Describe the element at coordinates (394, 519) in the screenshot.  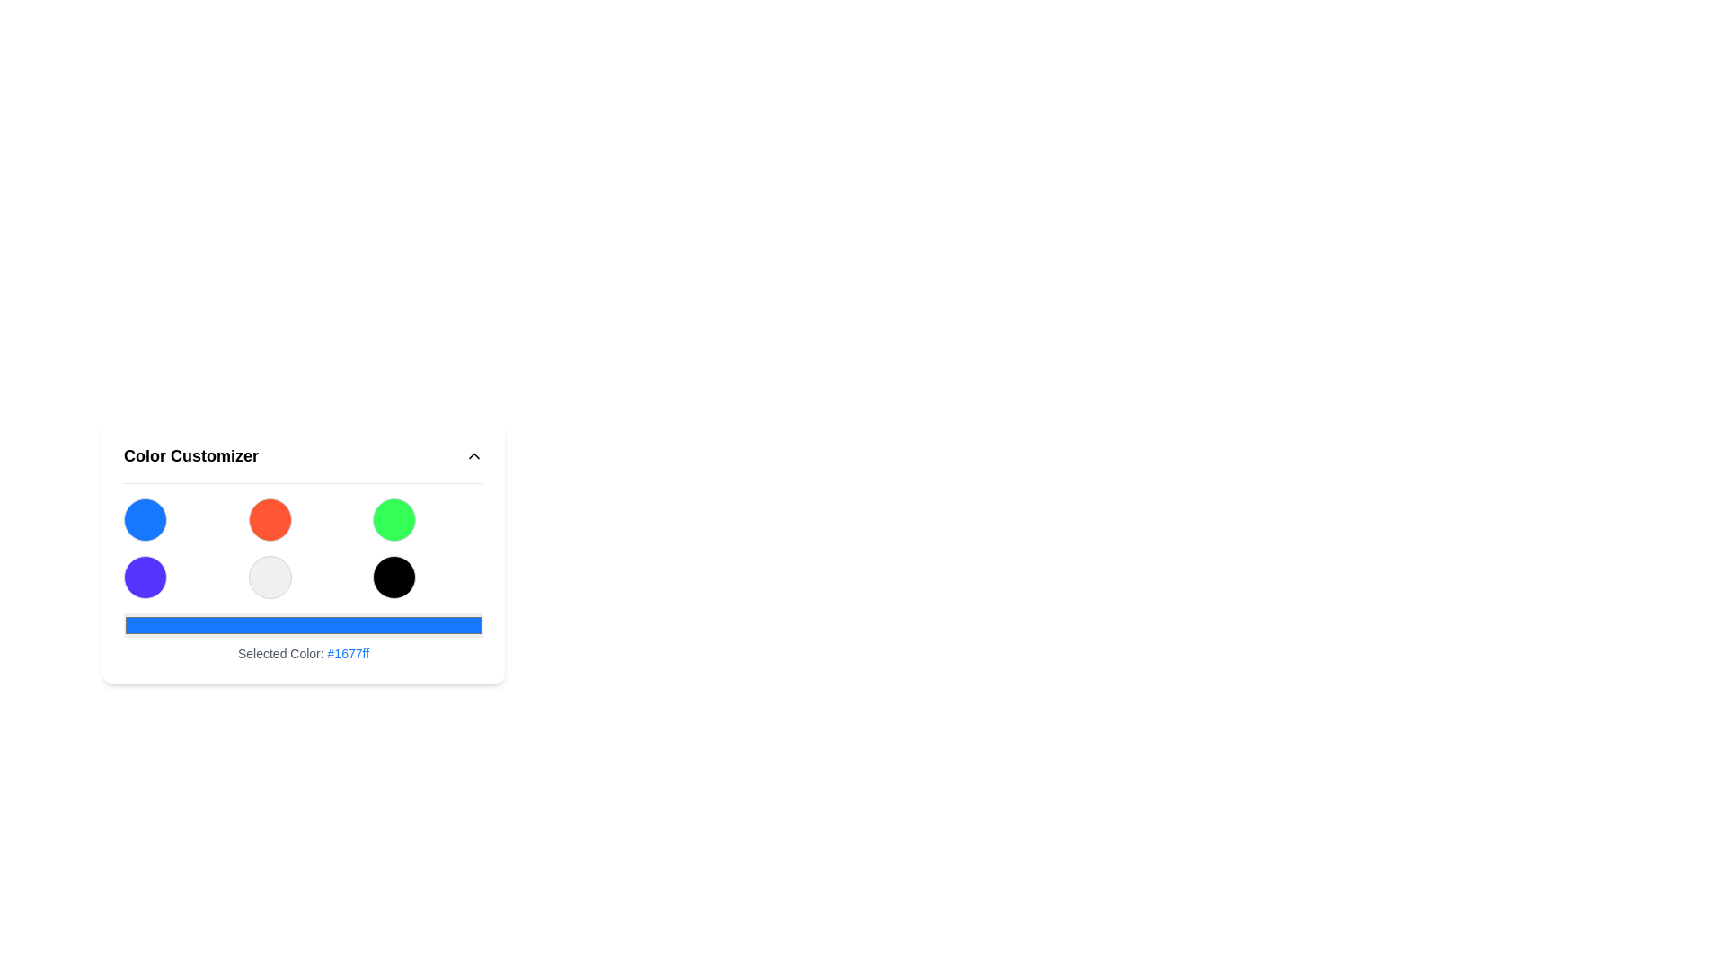
I see `the vibrant green circular button with a clear border located in the top-right section of the grid layout` at that location.